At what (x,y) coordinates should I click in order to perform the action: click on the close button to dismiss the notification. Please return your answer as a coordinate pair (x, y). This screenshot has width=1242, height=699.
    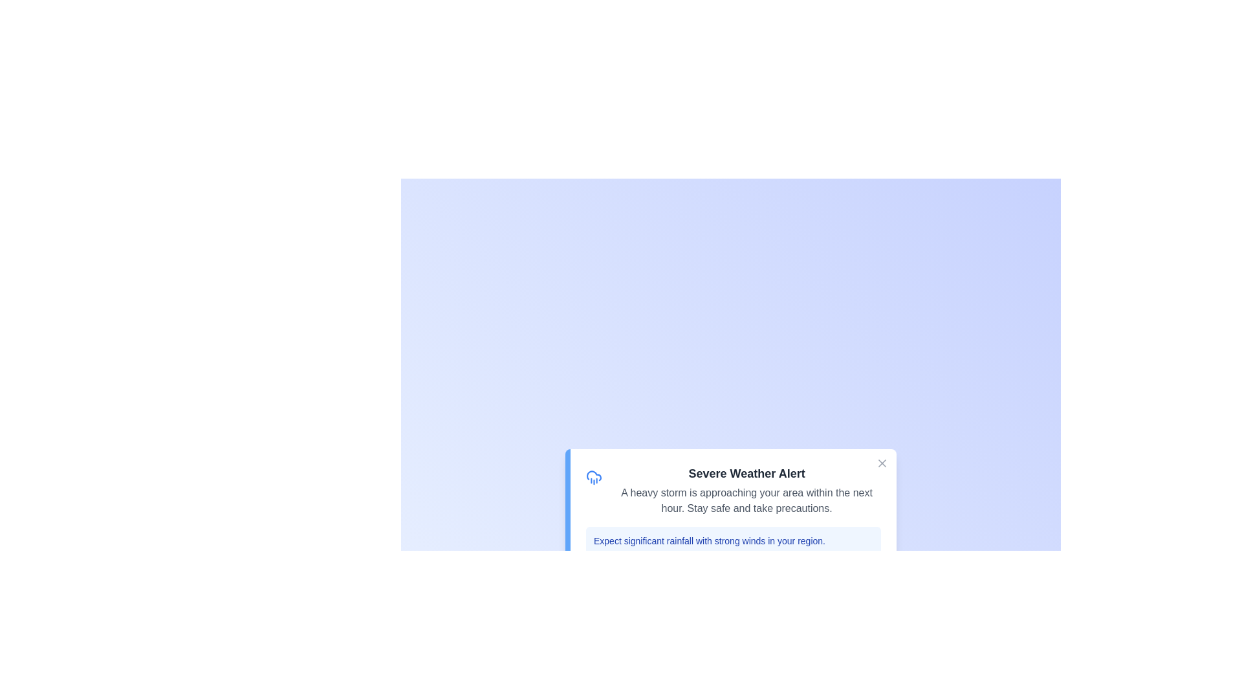
    Looking at the image, I should click on (881, 463).